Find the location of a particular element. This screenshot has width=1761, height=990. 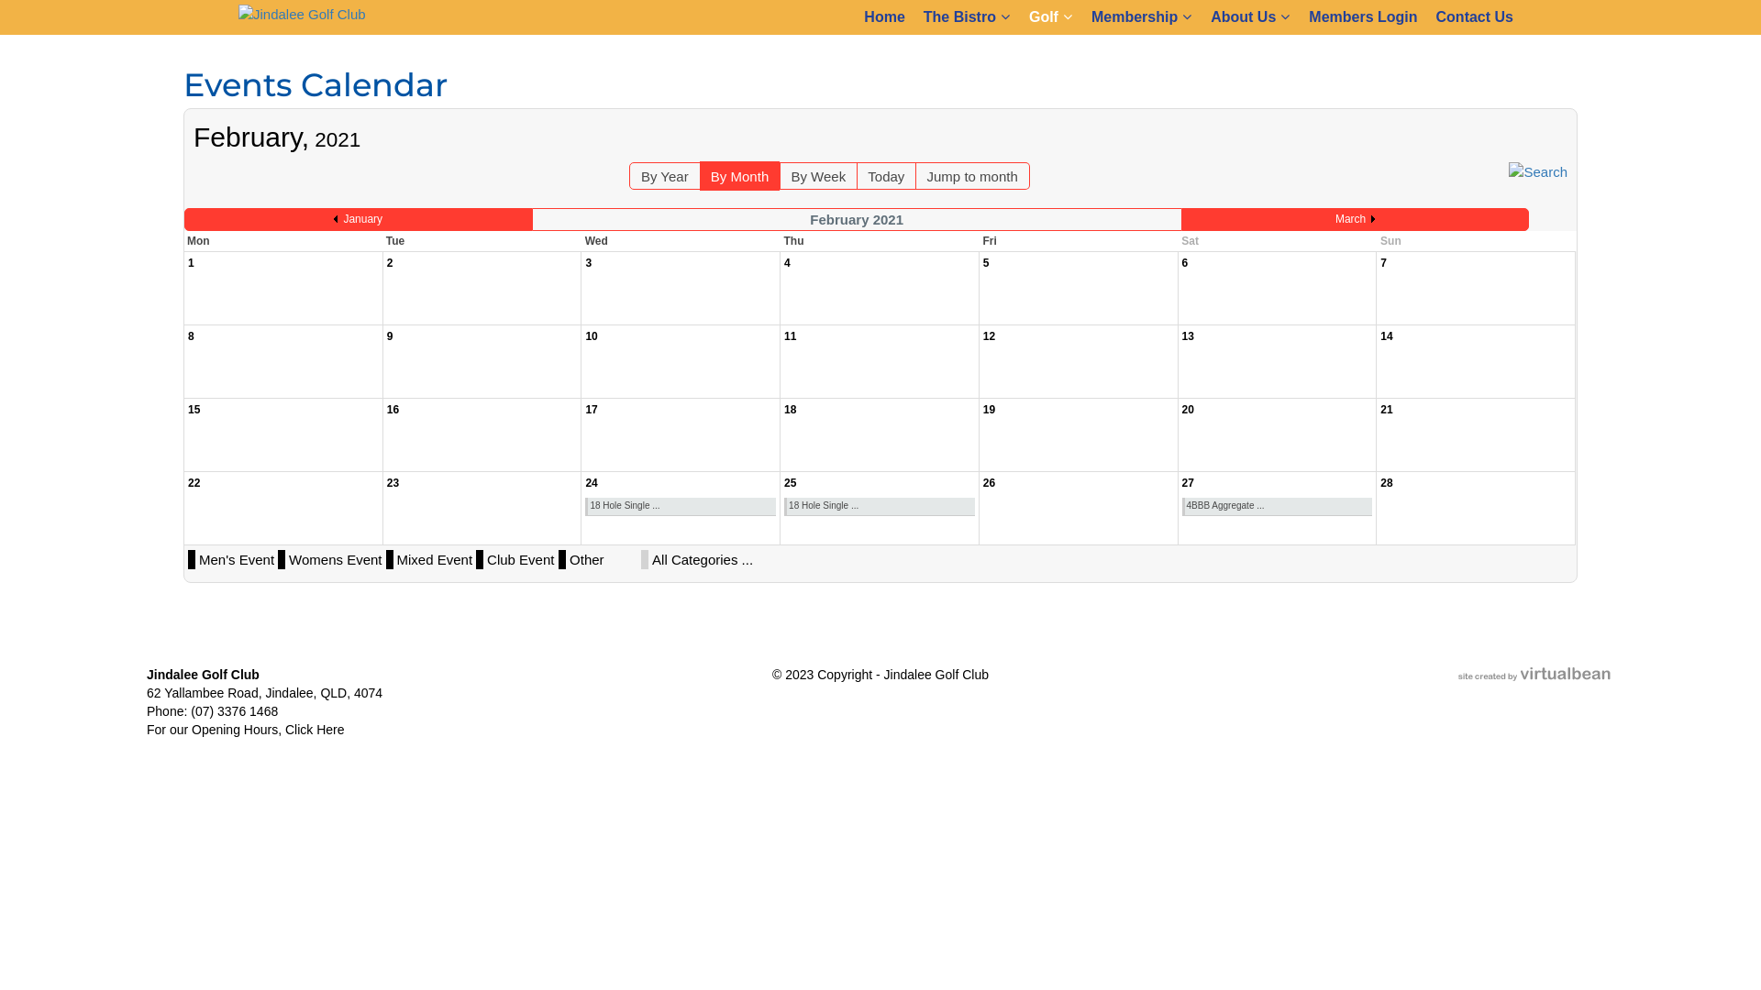

'17' is located at coordinates (584, 409).